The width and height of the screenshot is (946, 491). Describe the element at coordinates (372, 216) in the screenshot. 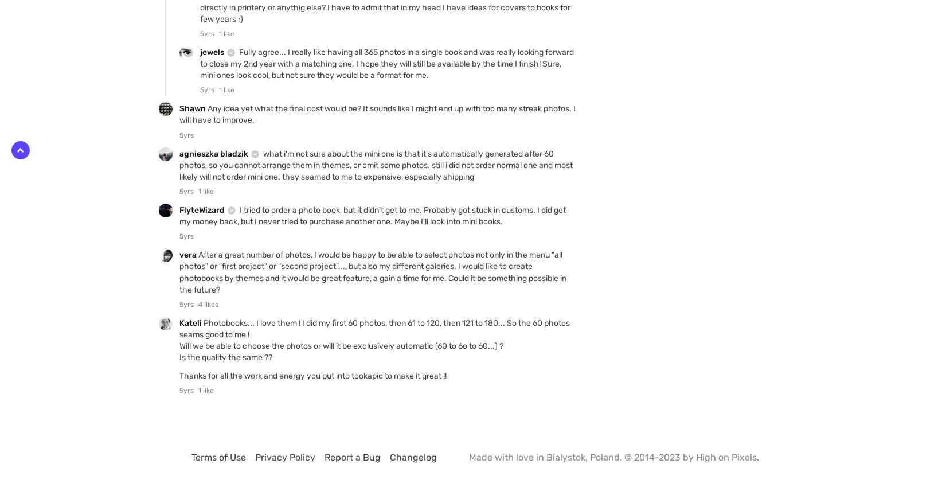

I see `'I tried to order a photo book, but it didn't get to me. Probably got stuck in customs. I did get my money back, but I never tried to purchase another one. Maybe I'll look into mini books.'` at that location.